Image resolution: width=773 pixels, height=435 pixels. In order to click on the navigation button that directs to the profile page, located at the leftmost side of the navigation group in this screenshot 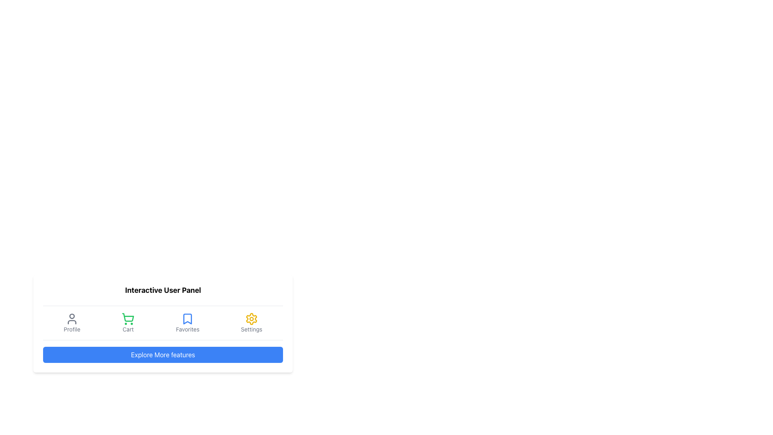, I will do `click(72, 323)`.